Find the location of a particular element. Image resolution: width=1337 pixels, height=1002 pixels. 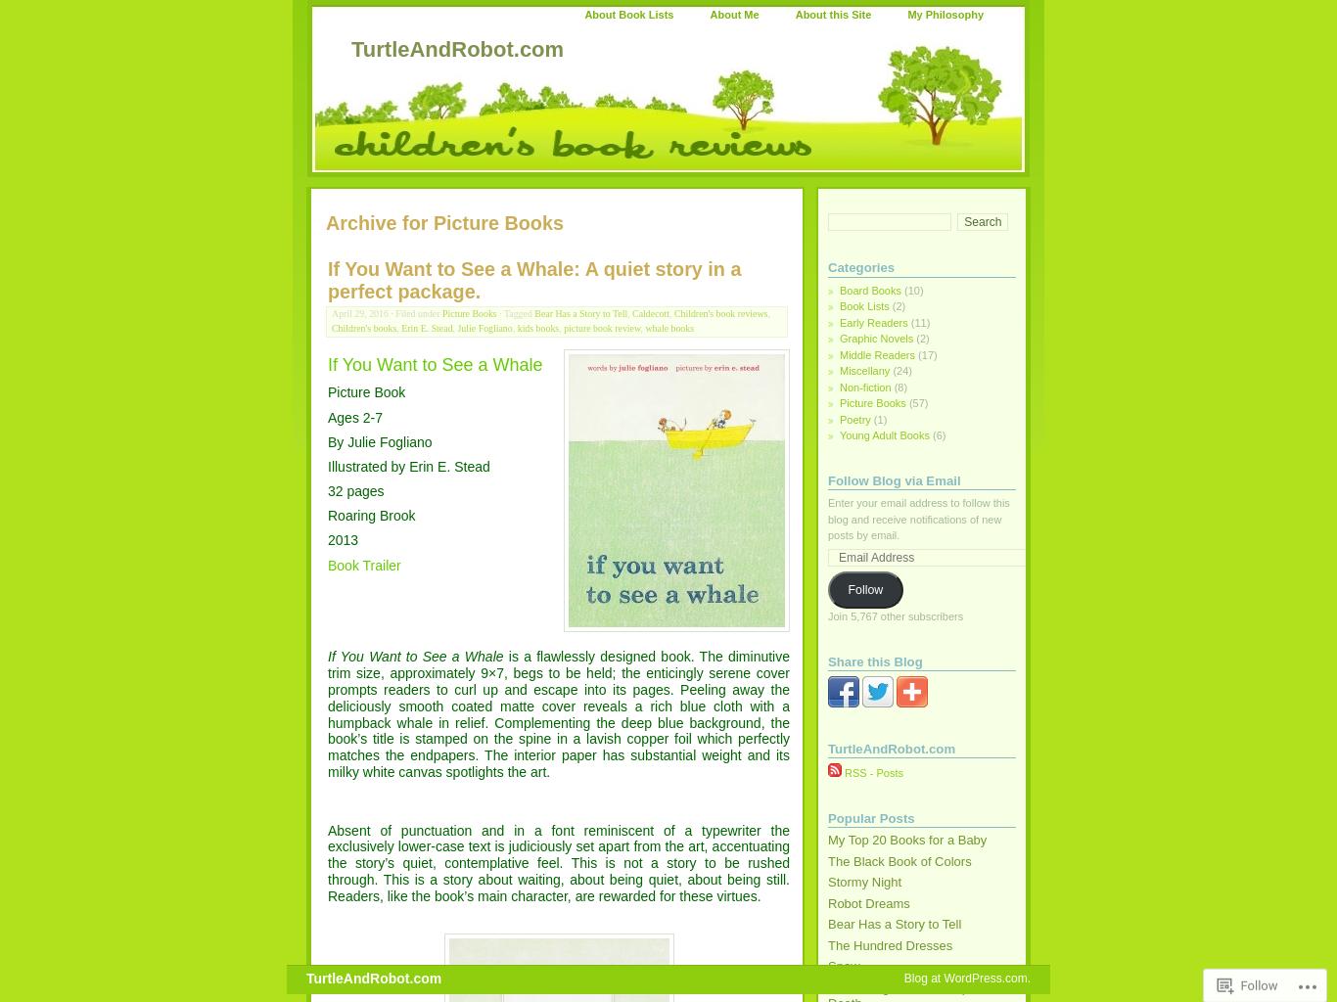

'RSS - Posts' is located at coordinates (872, 773).